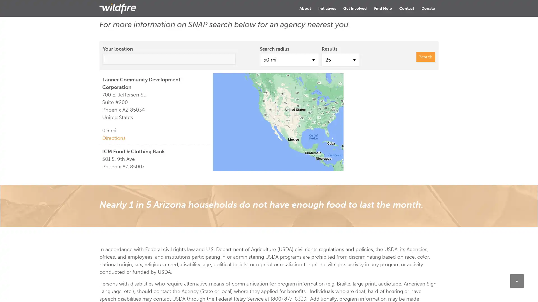  What do you see at coordinates (328, 118) in the screenshot?
I see `Pilgrim Rest Foundation, Inc.` at bounding box center [328, 118].